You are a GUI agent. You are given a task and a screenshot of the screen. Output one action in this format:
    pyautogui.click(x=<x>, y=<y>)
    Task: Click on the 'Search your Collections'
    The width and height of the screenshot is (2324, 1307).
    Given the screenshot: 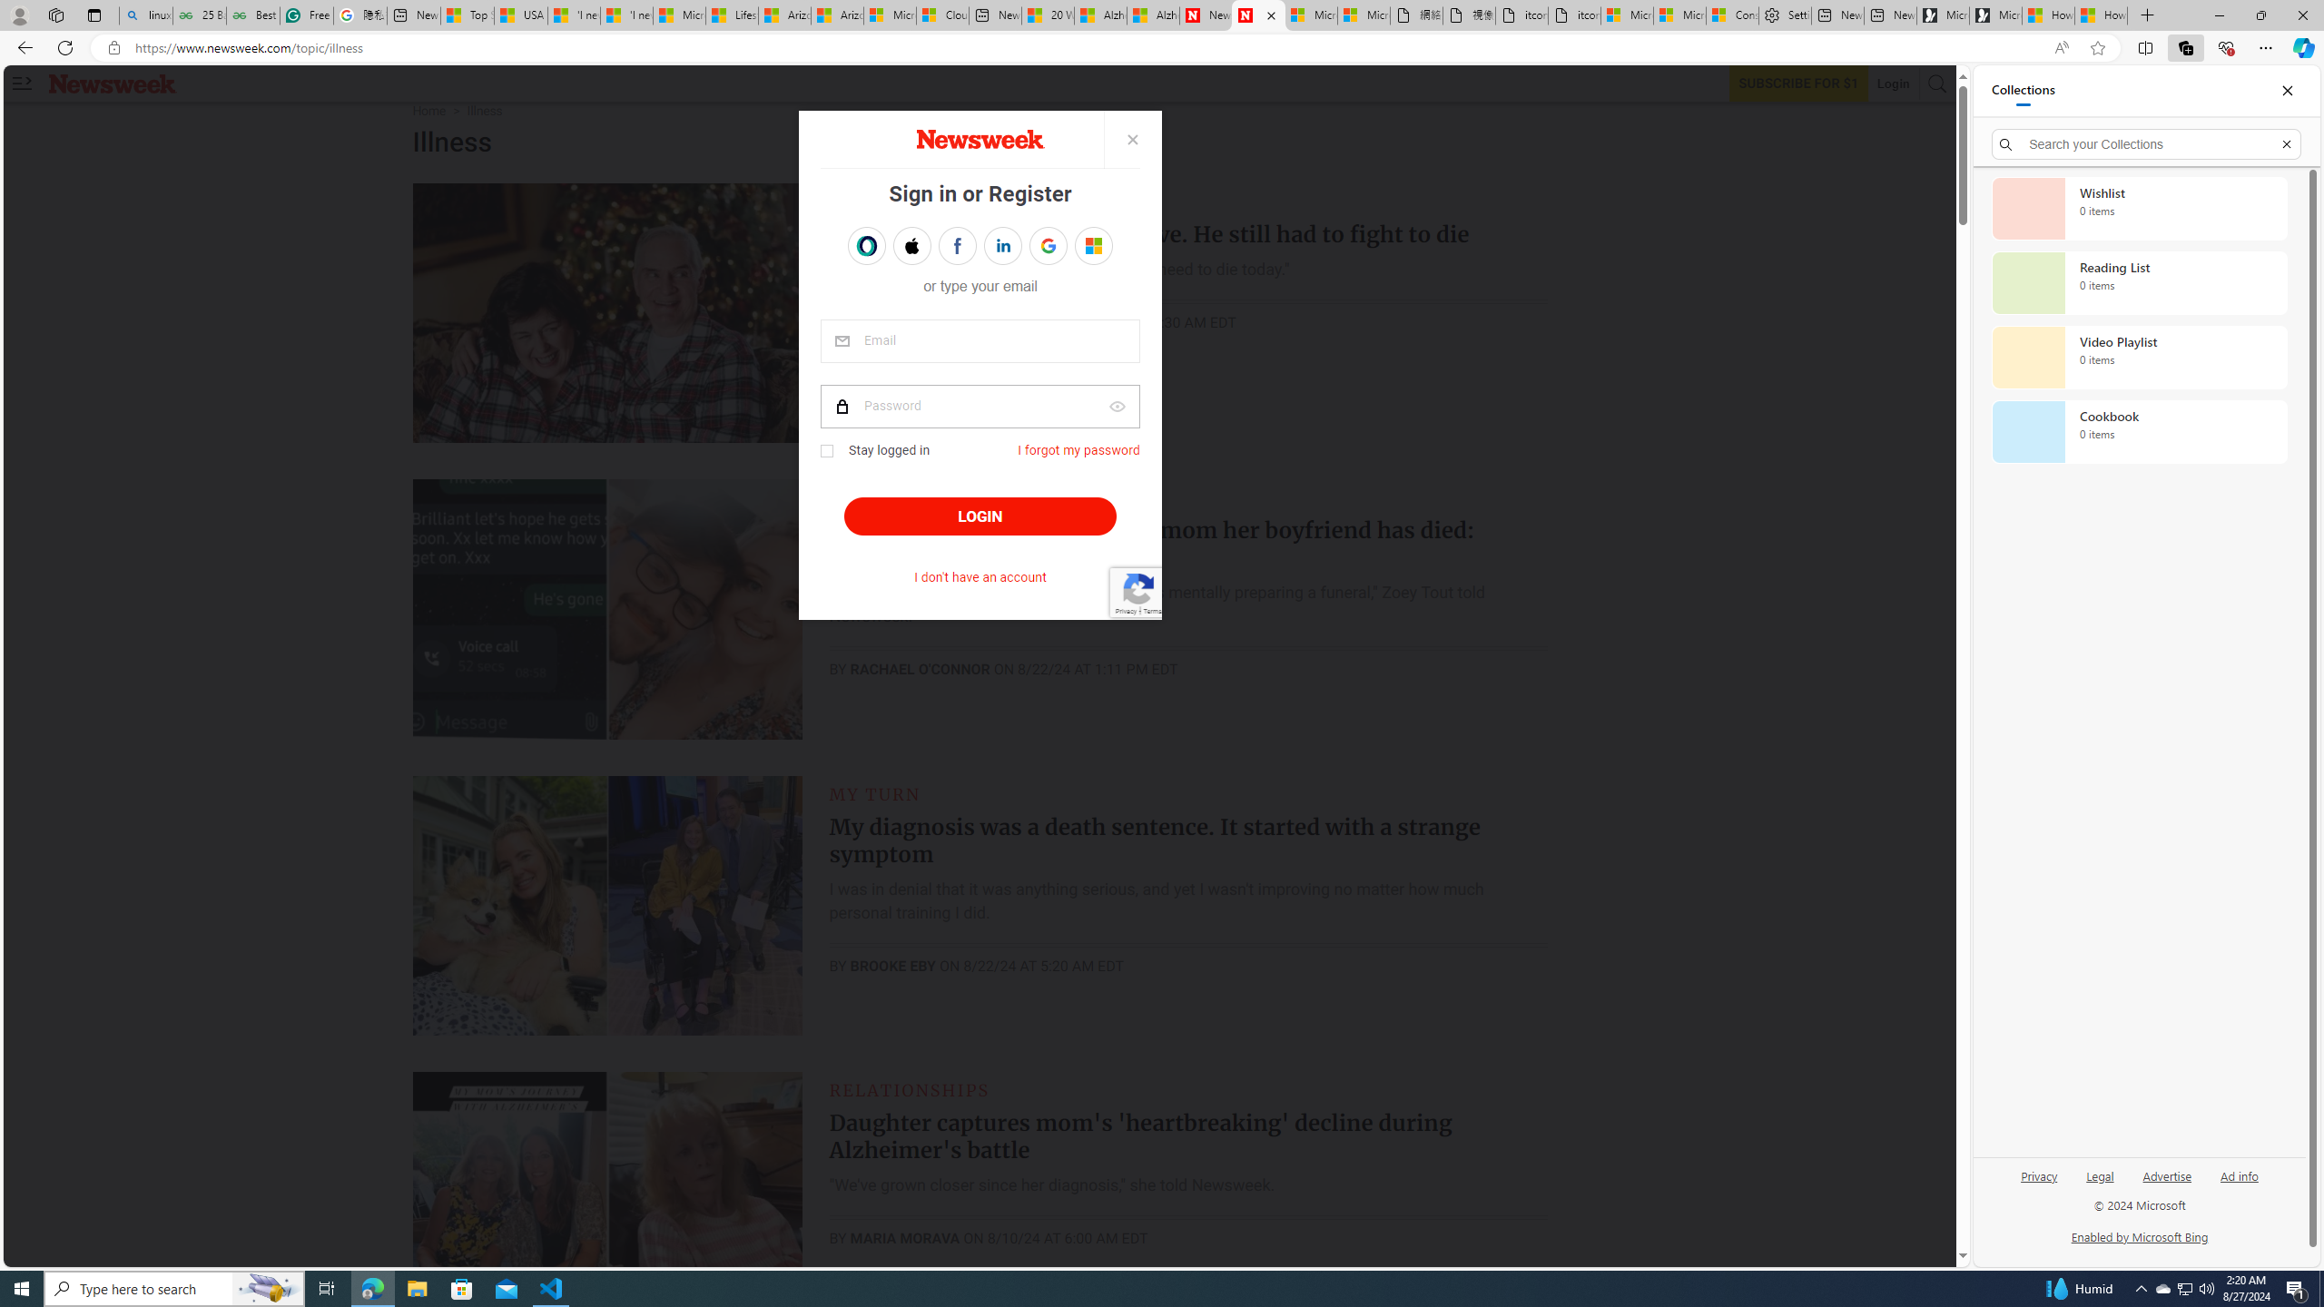 What is the action you would take?
    pyautogui.click(x=2146, y=143)
    